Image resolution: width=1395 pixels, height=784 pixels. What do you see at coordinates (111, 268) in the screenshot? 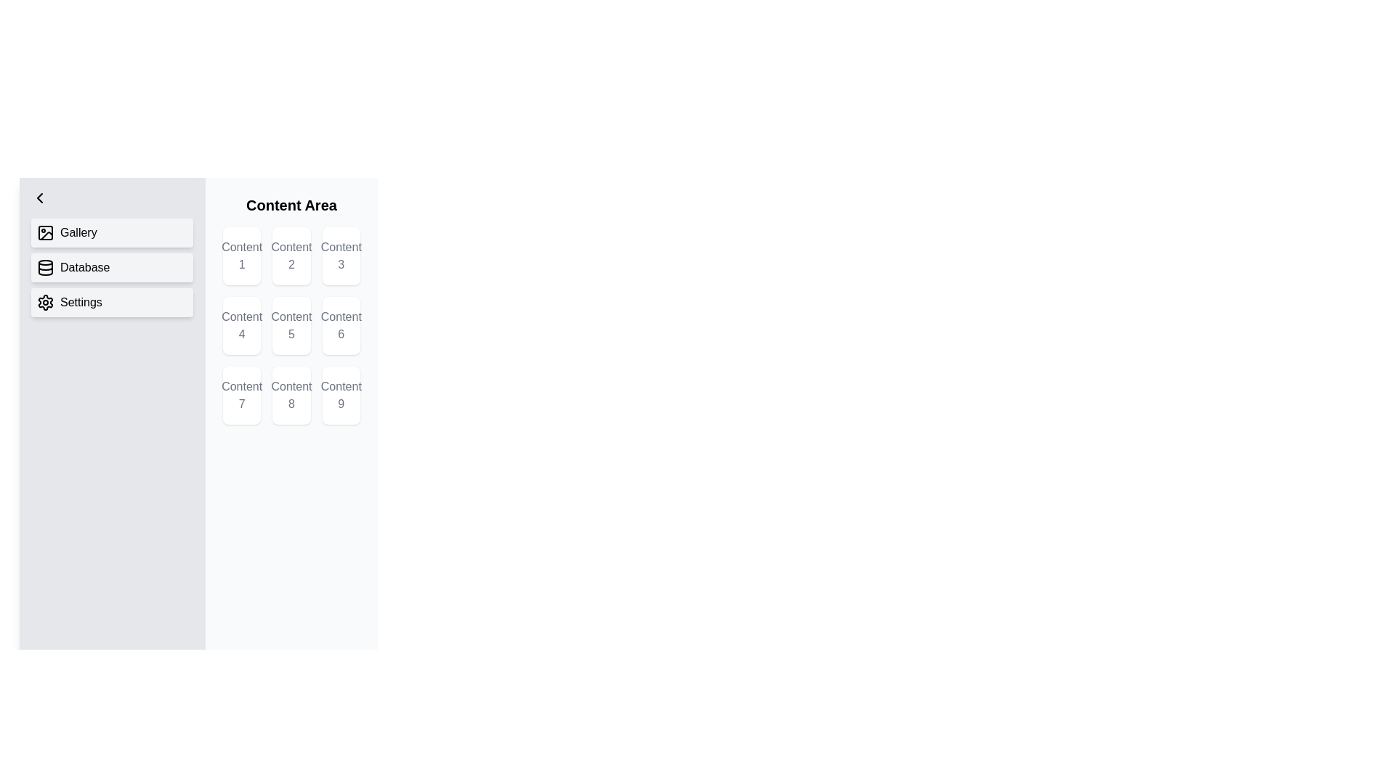
I see `the second menu item in the sidebar labeled 'Menu'` at bounding box center [111, 268].